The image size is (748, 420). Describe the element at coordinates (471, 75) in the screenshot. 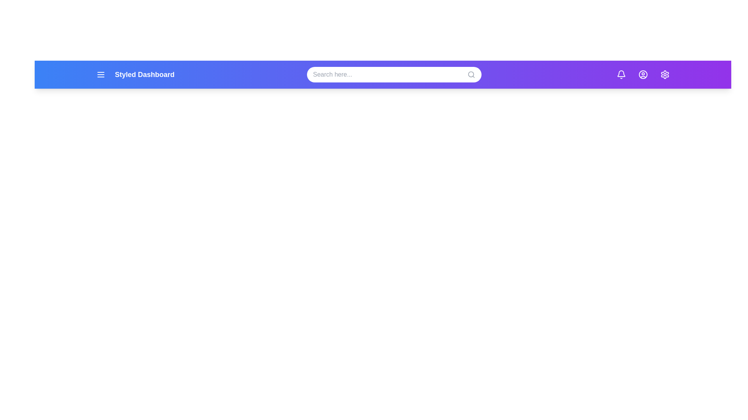

I see `the search icon to initiate a search` at that location.